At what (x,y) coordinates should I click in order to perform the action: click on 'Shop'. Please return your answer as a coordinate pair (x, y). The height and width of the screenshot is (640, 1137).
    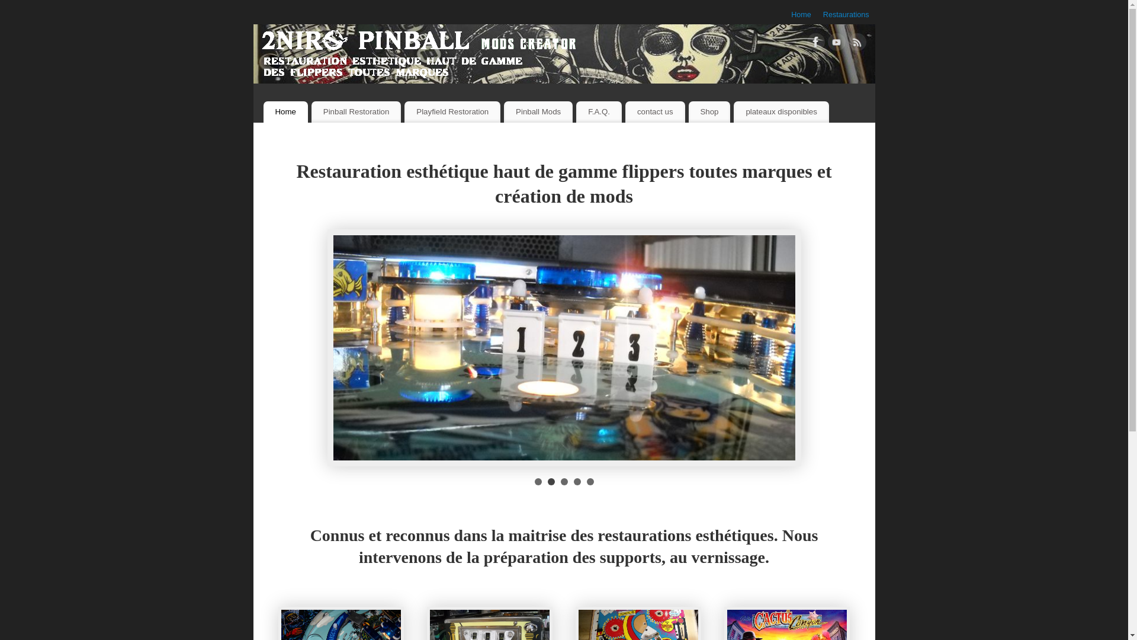
    Looking at the image, I should click on (688, 112).